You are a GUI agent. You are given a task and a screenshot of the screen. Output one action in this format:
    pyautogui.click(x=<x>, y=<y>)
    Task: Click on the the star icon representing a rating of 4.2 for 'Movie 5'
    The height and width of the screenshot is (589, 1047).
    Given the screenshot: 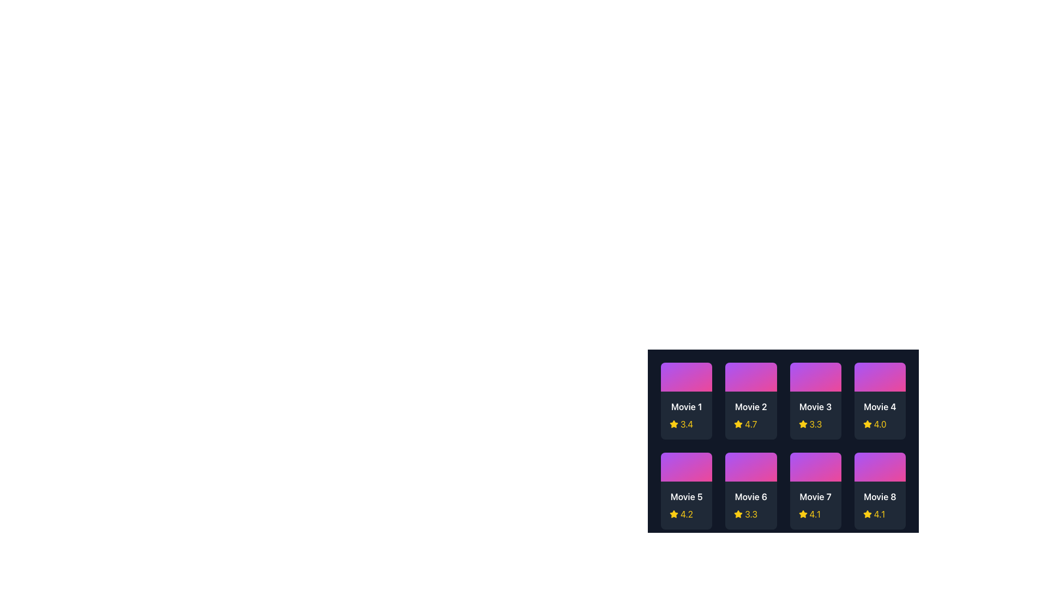 What is the action you would take?
    pyautogui.click(x=673, y=514)
    